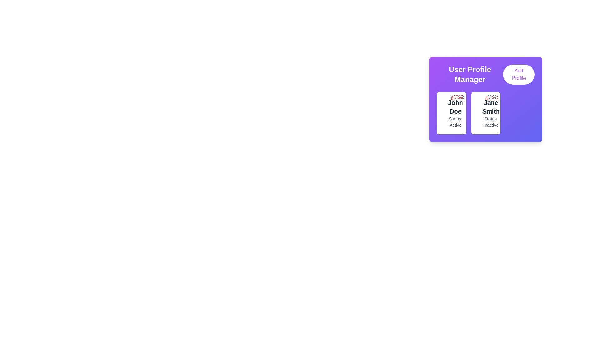 This screenshot has height=337, width=600. Describe the element at coordinates (455, 113) in the screenshot. I see `the text label displaying the user's name and current status as 'Active' in the User Profile Manager, located above the red 'X' icon` at that location.